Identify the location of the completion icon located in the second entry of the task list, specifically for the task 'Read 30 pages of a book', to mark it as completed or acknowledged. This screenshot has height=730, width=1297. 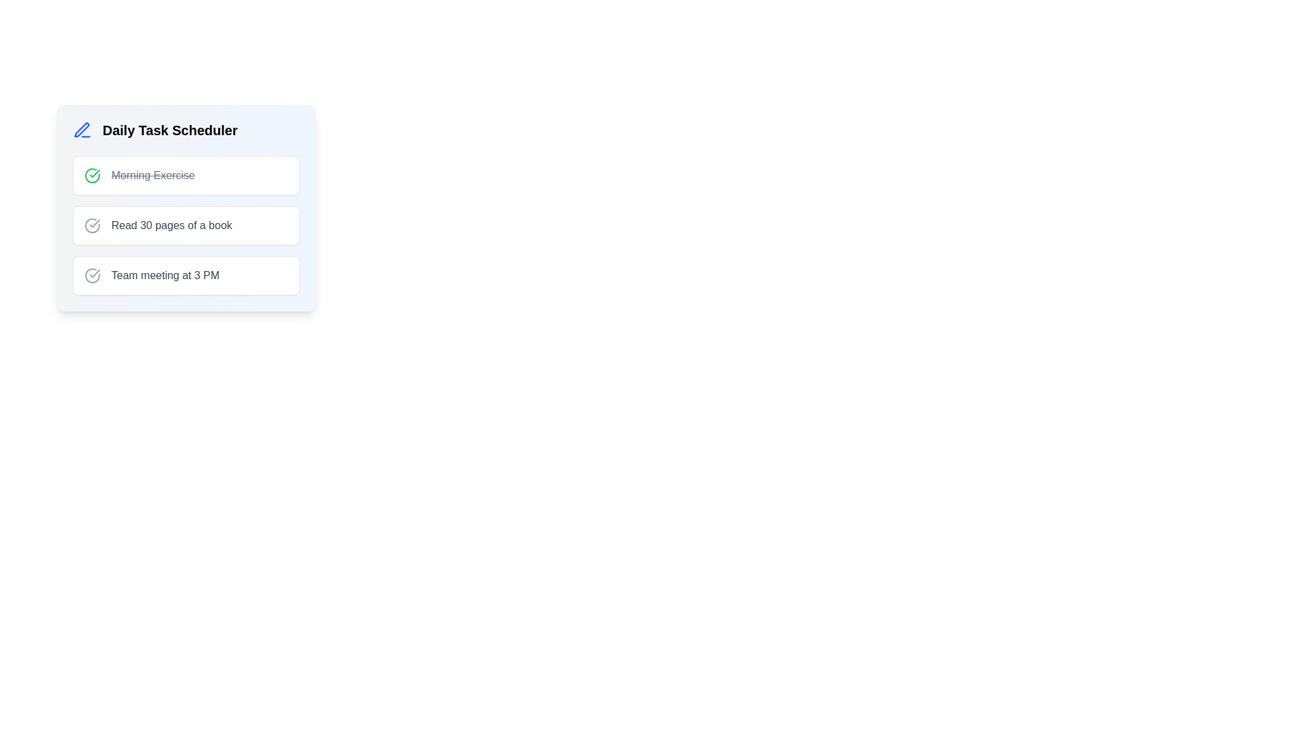
(92, 225).